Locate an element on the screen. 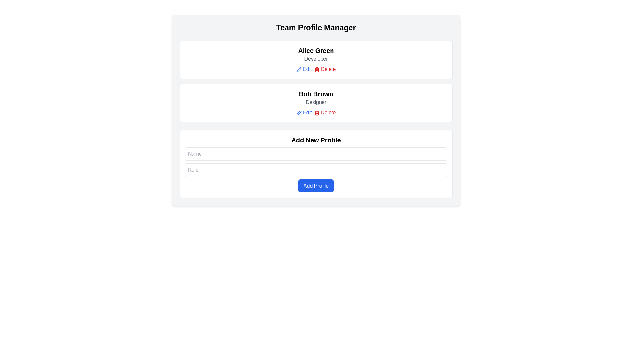  the red trash can icon that is part of the 'Delete' button, located to the right of the 'Edit' link in the profile card for 'Alice Green' is located at coordinates (317, 69).